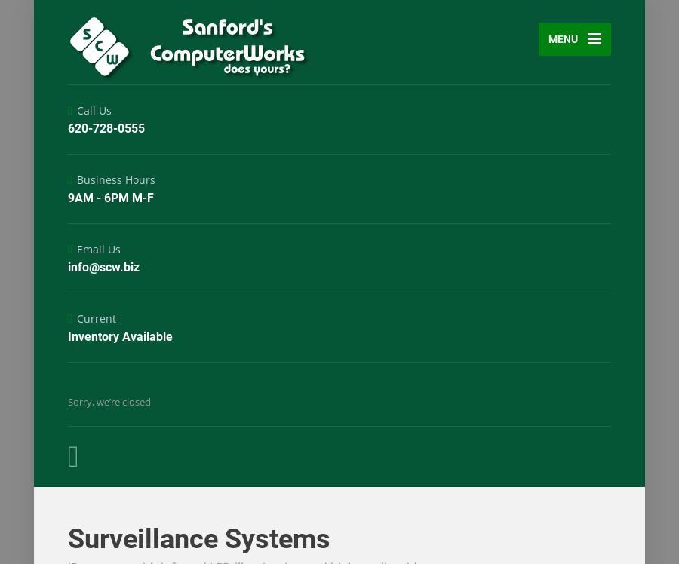 The image size is (679, 564). What do you see at coordinates (198, 537) in the screenshot?
I see `'Surveillance Systems'` at bounding box center [198, 537].